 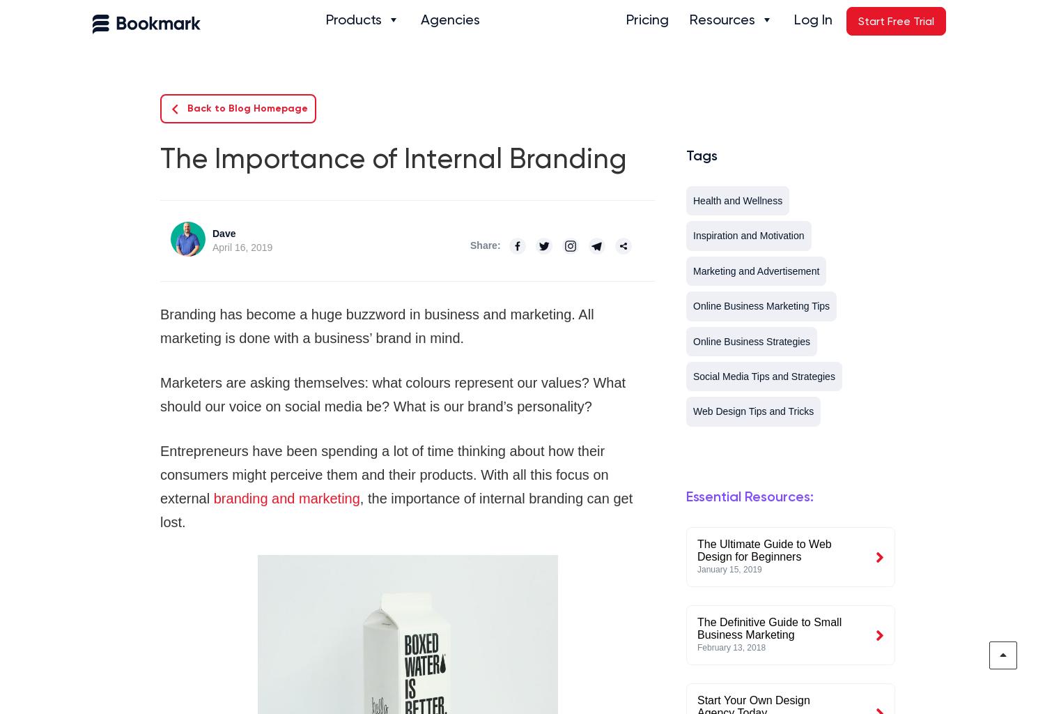 What do you see at coordinates (354, 19) in the screenshot?
I see `'Products'` at bounding box center [354, 19].